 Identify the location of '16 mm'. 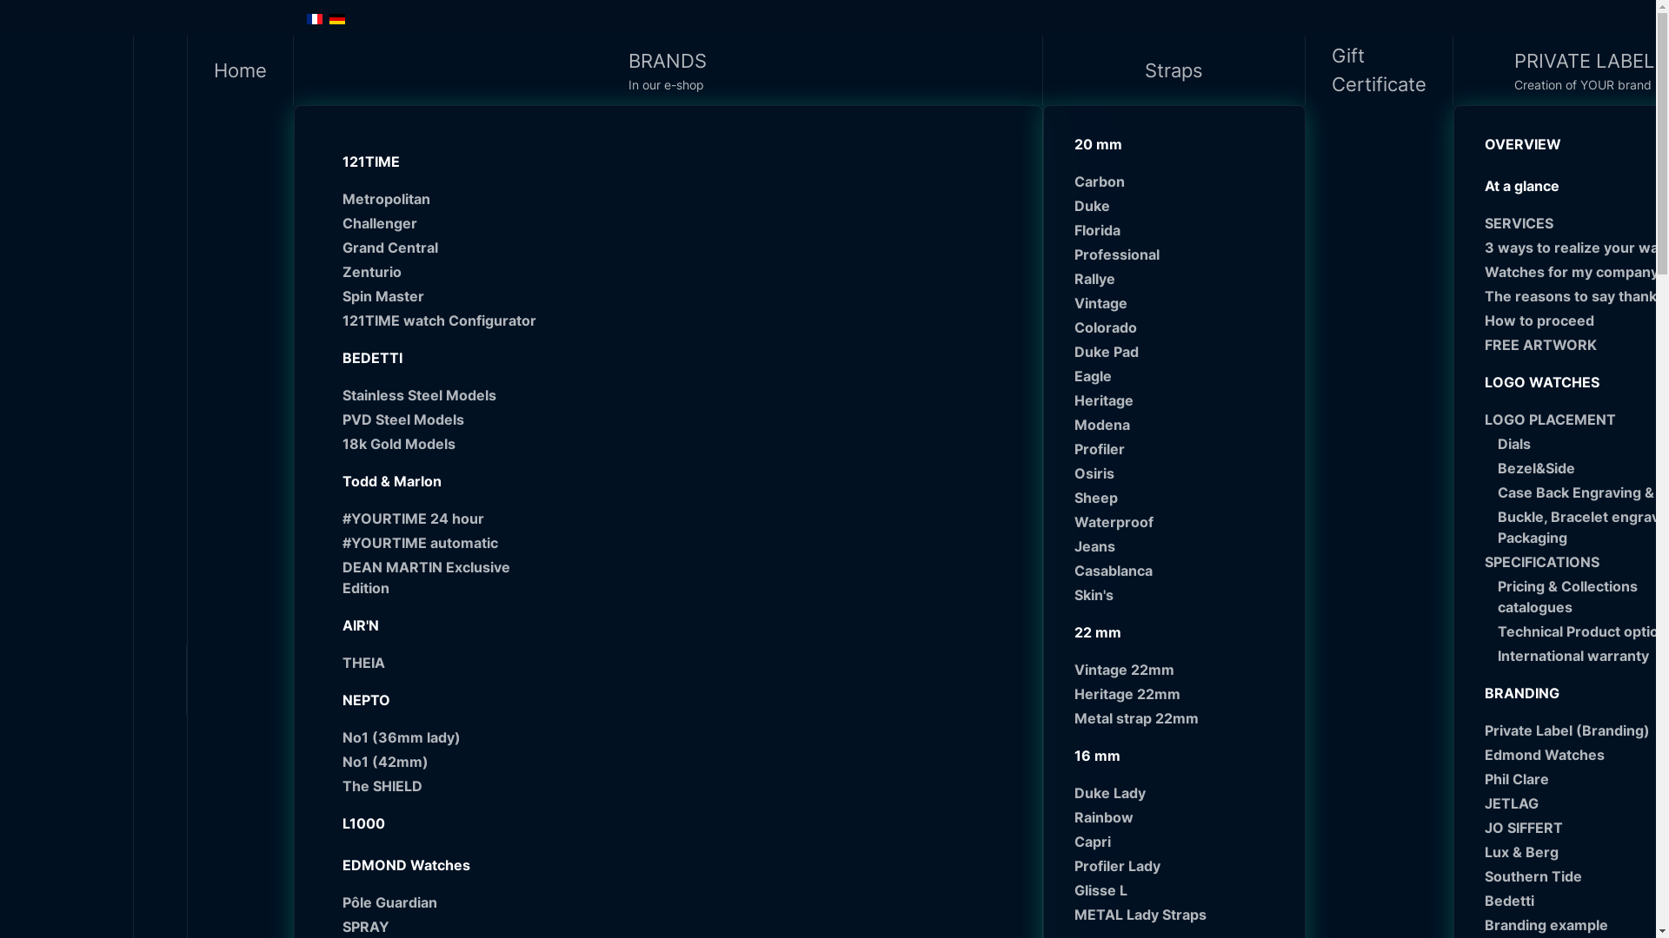
(1173, 755).